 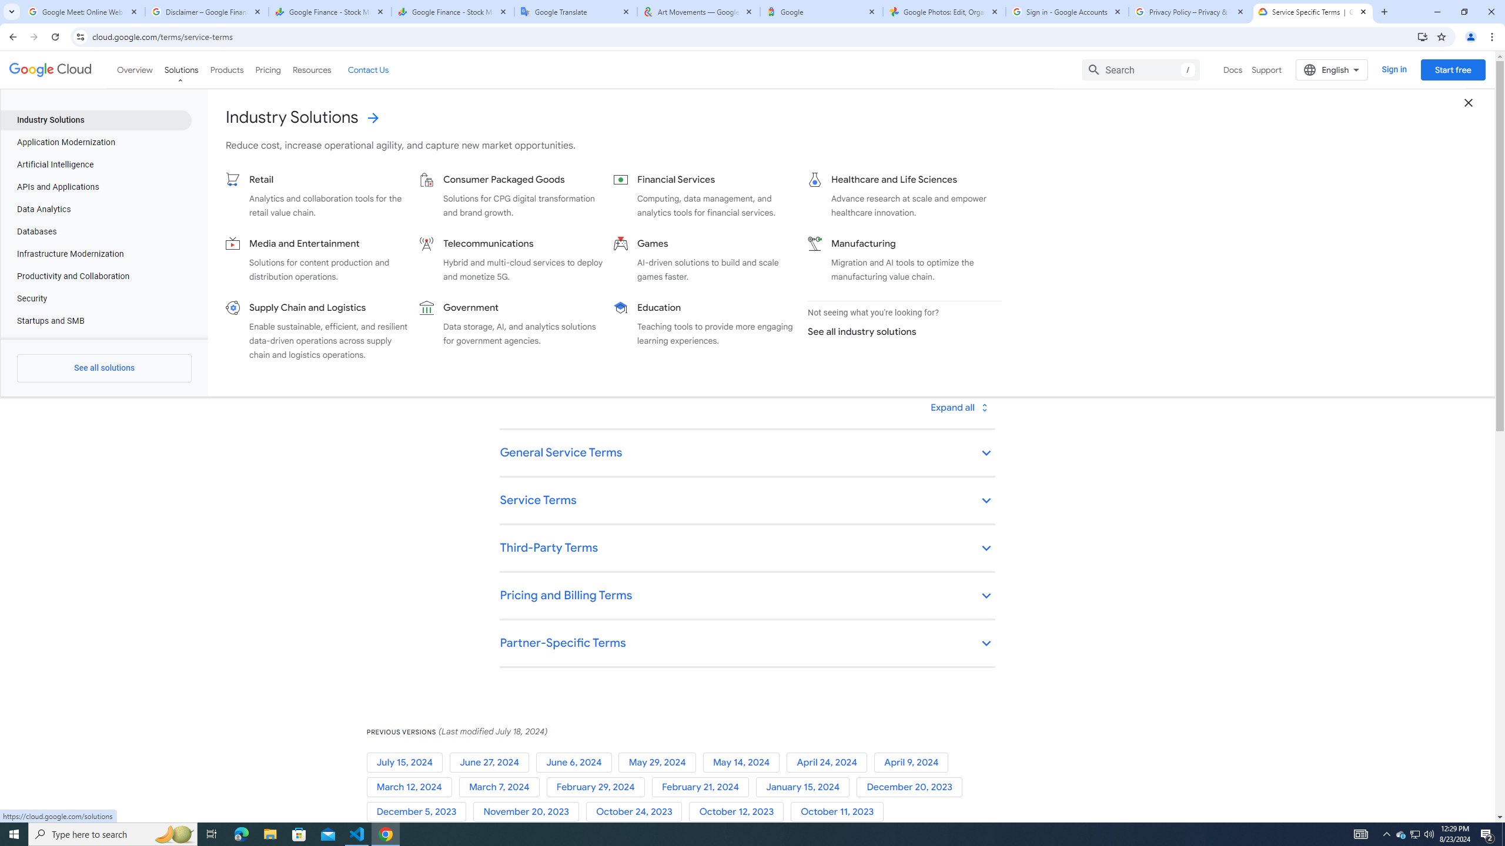 What do you see at coordinates (577, 763) in the screenshot?
I see `'June 6, 2024'` at bounding box center [577, 763].